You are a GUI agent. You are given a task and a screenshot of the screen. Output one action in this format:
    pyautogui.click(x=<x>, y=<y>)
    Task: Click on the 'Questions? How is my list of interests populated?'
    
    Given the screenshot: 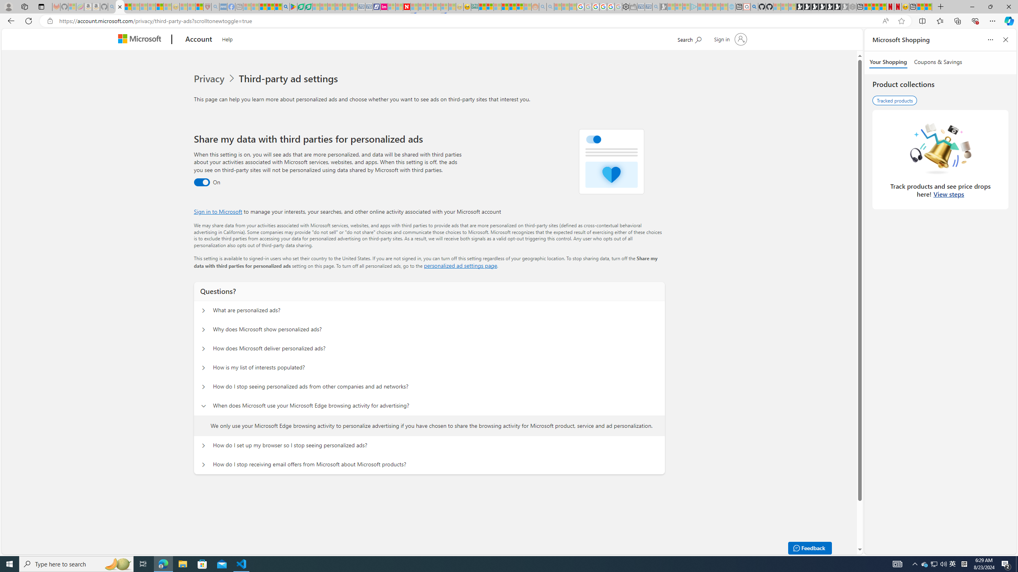 What is the action you would take?
    pyautogui.click(x=202, y=367)
    